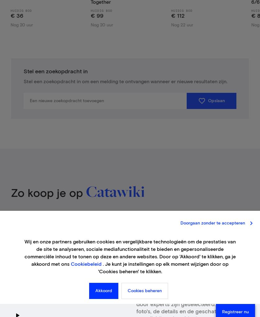 The image size is (260, 317). Describe the element at coordinates (140, 264) in the screenshot. I see `'1.'` at that location.